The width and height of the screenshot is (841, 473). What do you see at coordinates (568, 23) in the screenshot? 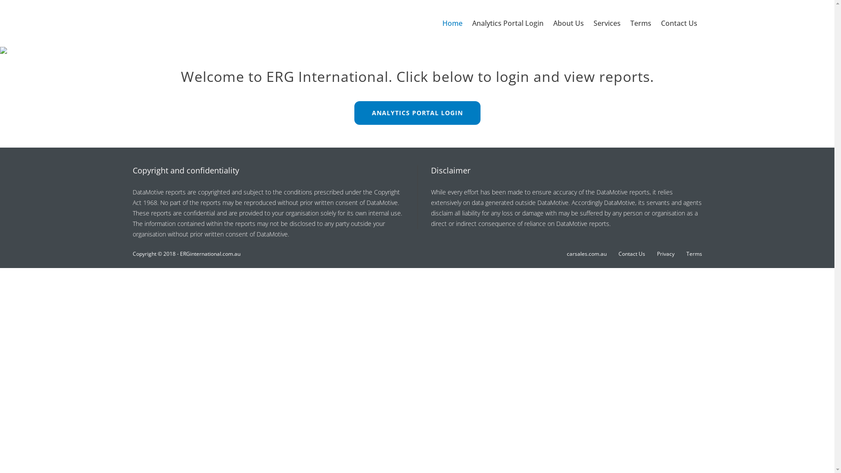
I see `'About Us'` at bounding box center [568, 23].